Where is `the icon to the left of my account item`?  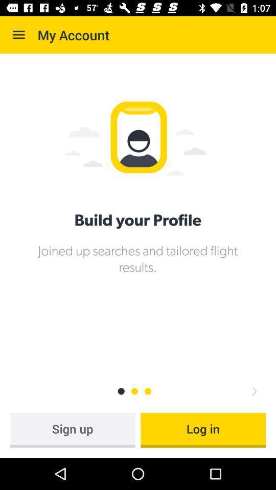 the icon to the left of my account item is located at coordinates (18, 35).